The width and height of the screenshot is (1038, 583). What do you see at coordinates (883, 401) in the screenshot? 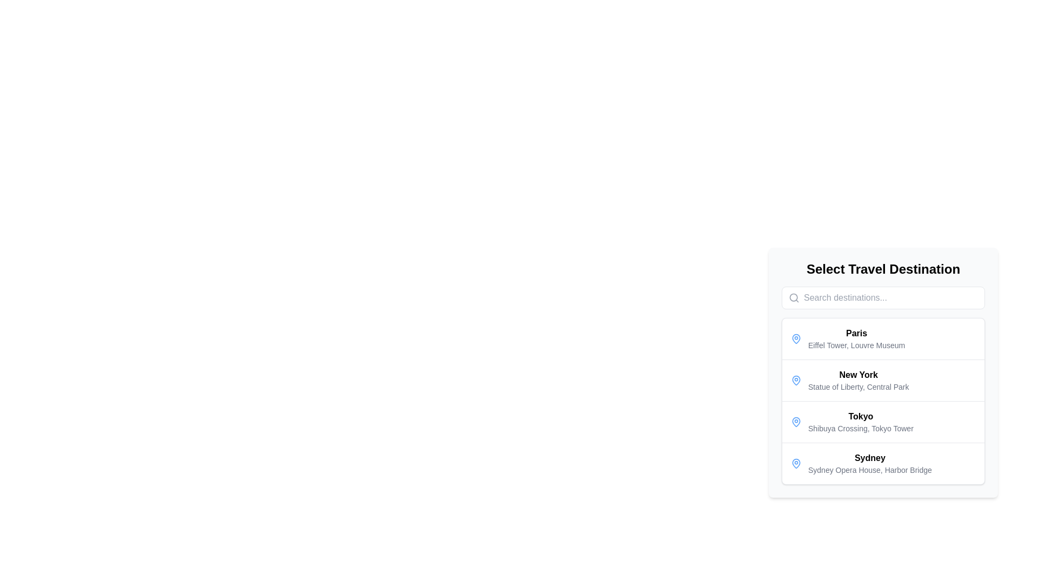
I see `the second list item representing the travel destination 'New York'` at bounding box center [883, 401].